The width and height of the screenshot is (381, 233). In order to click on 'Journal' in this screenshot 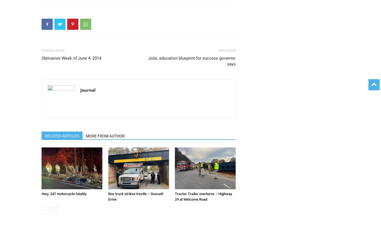, I will do `click(88, 90)`.